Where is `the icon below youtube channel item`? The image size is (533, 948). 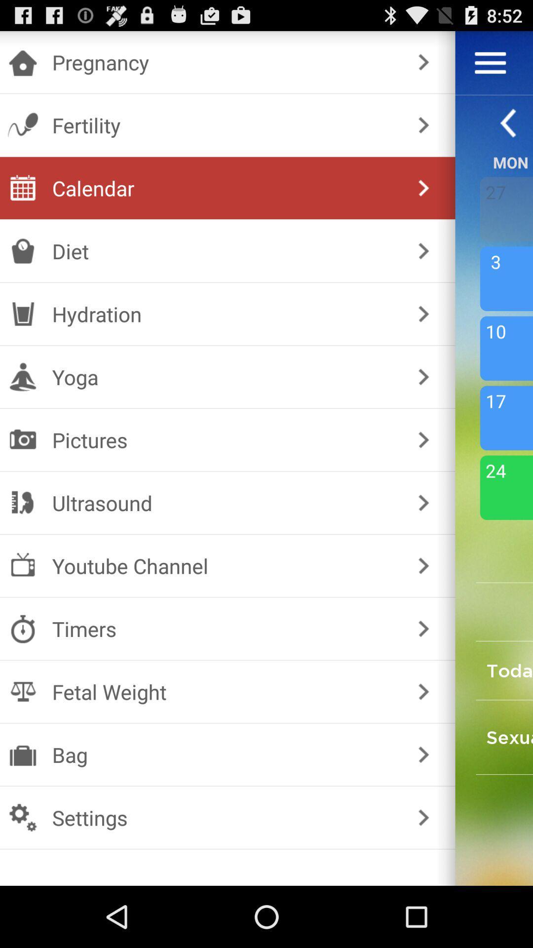 the icon below youtube channel item is located at coordinates (226, 628).